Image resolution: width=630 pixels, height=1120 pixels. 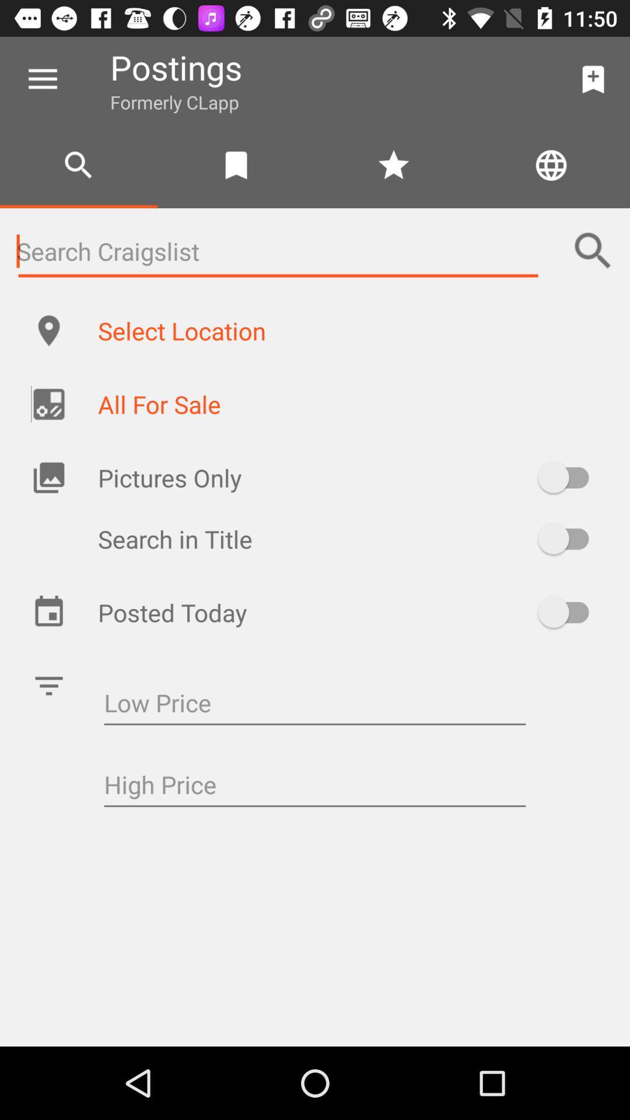 I want to click on the select location item, so click(x=351, y=330).